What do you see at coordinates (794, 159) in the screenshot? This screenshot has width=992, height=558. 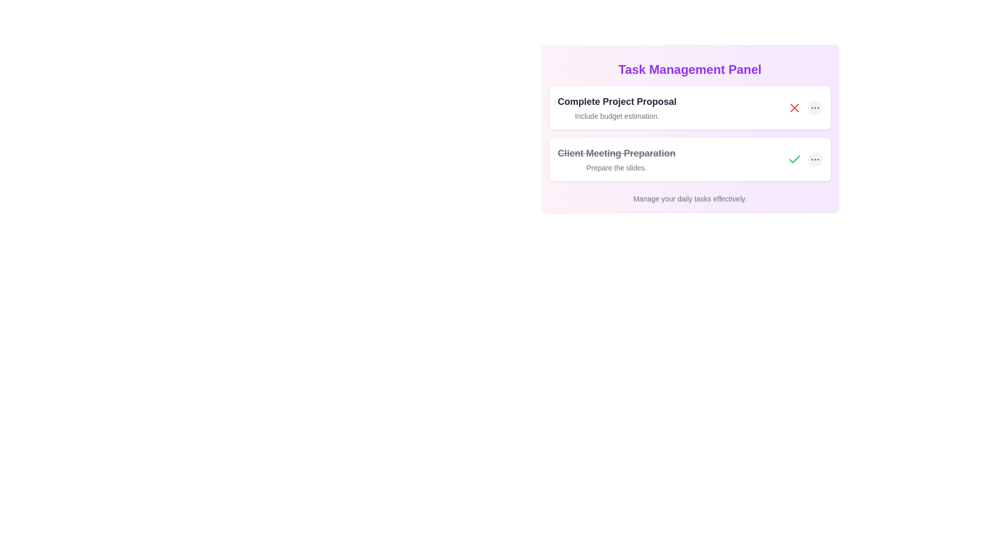 I see `the Button with an icon that marks the associated task as complete, located` at bounding box center [794, 159].